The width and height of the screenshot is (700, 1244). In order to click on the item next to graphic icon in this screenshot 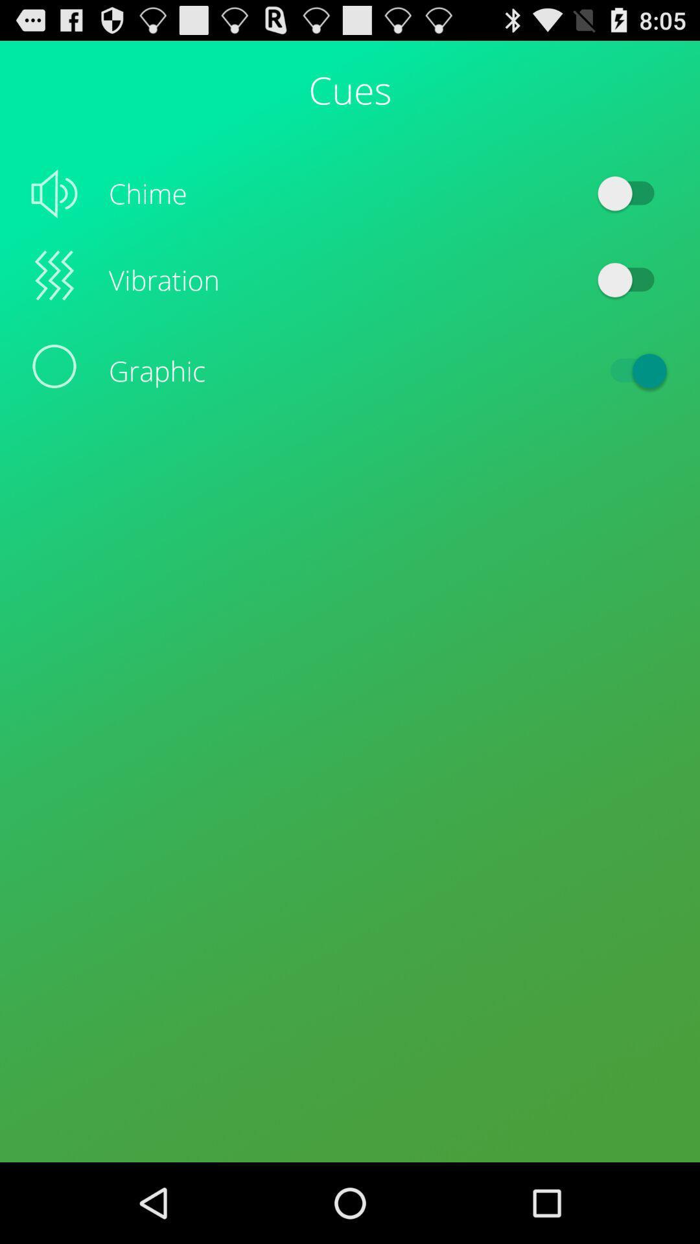, I will do `click(631, 370)`.